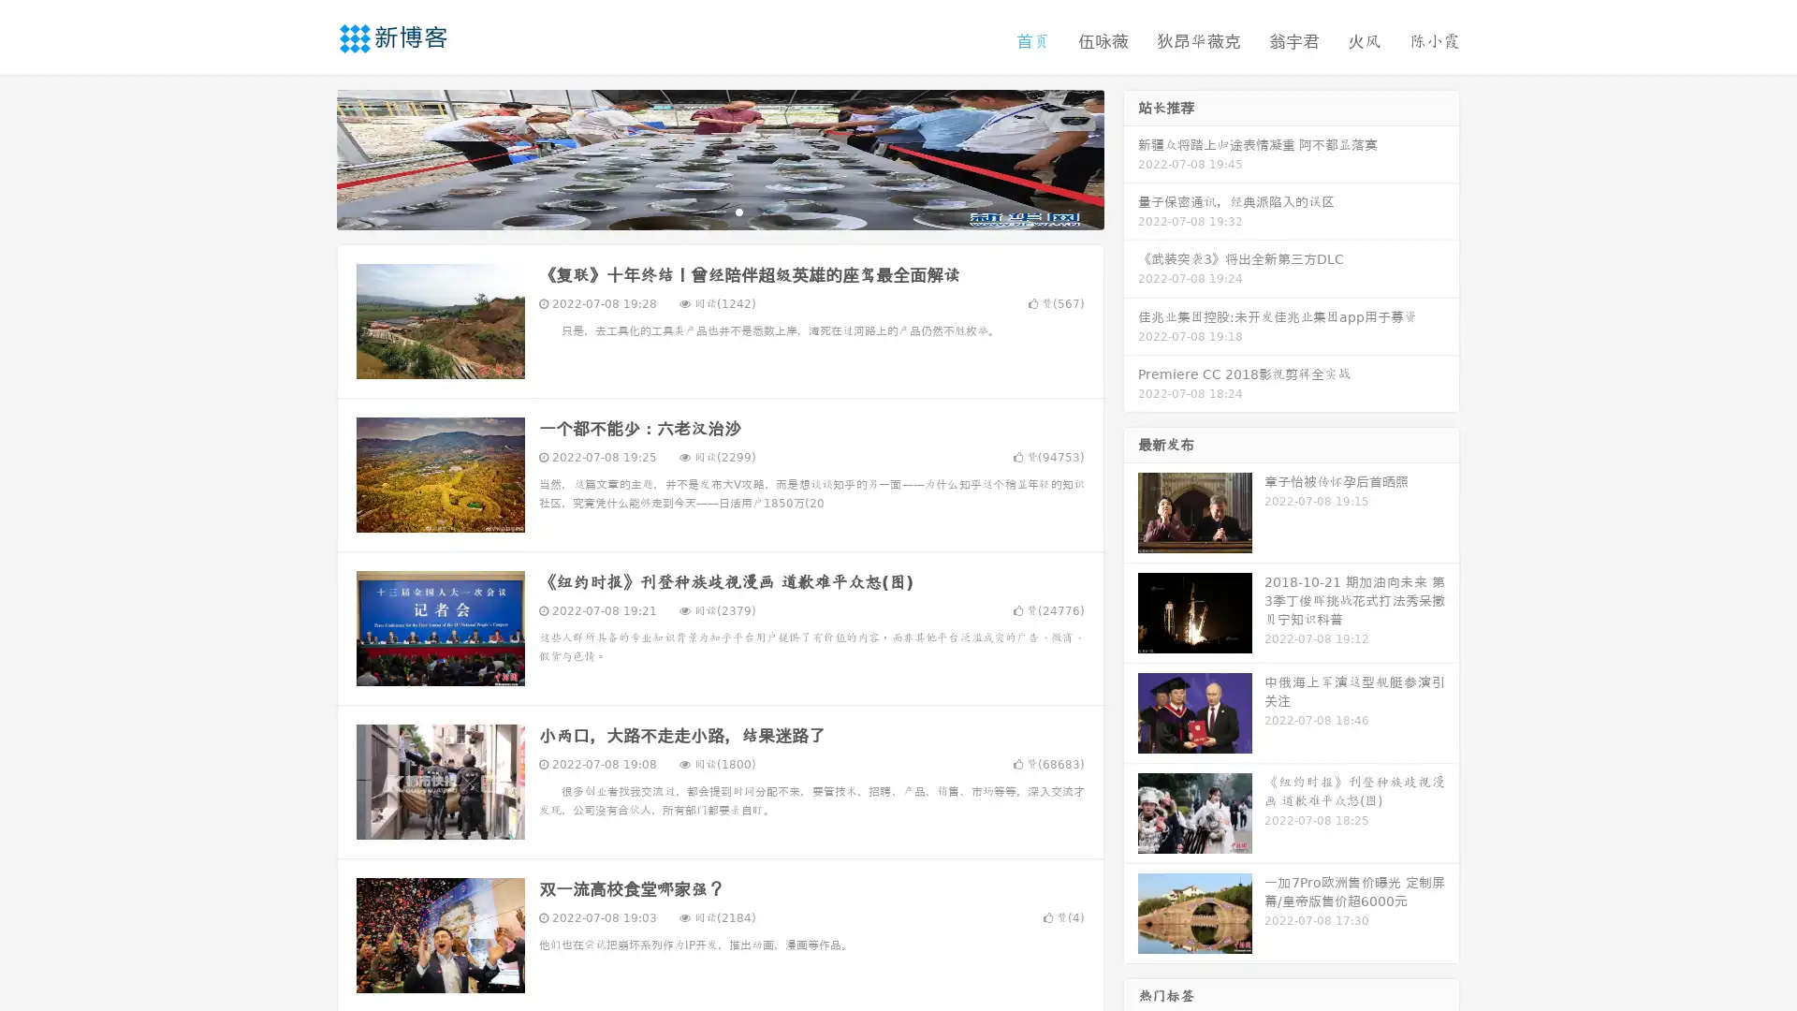  Describe the element at coordinates (700, 211) in the screenshot. I see `Go to slide 1` at that location.